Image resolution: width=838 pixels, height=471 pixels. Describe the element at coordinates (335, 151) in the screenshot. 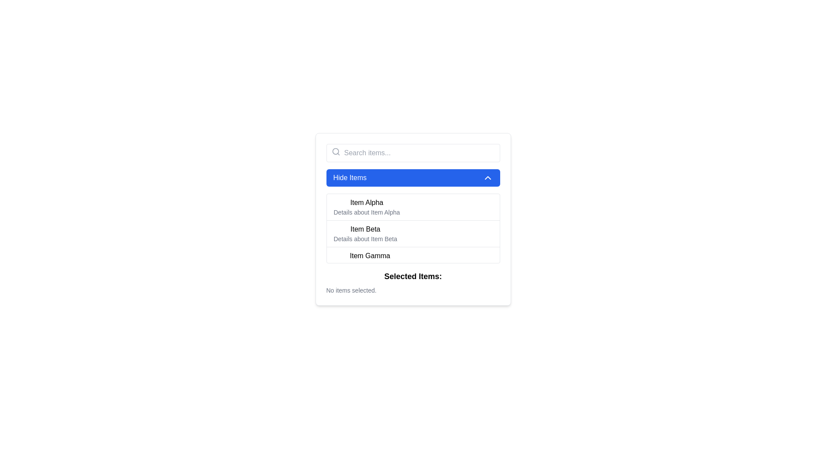

I see `the circular part of the magnifying glass icon located in the top-left corner of the search bar, which indicates the search functionality` at that location.